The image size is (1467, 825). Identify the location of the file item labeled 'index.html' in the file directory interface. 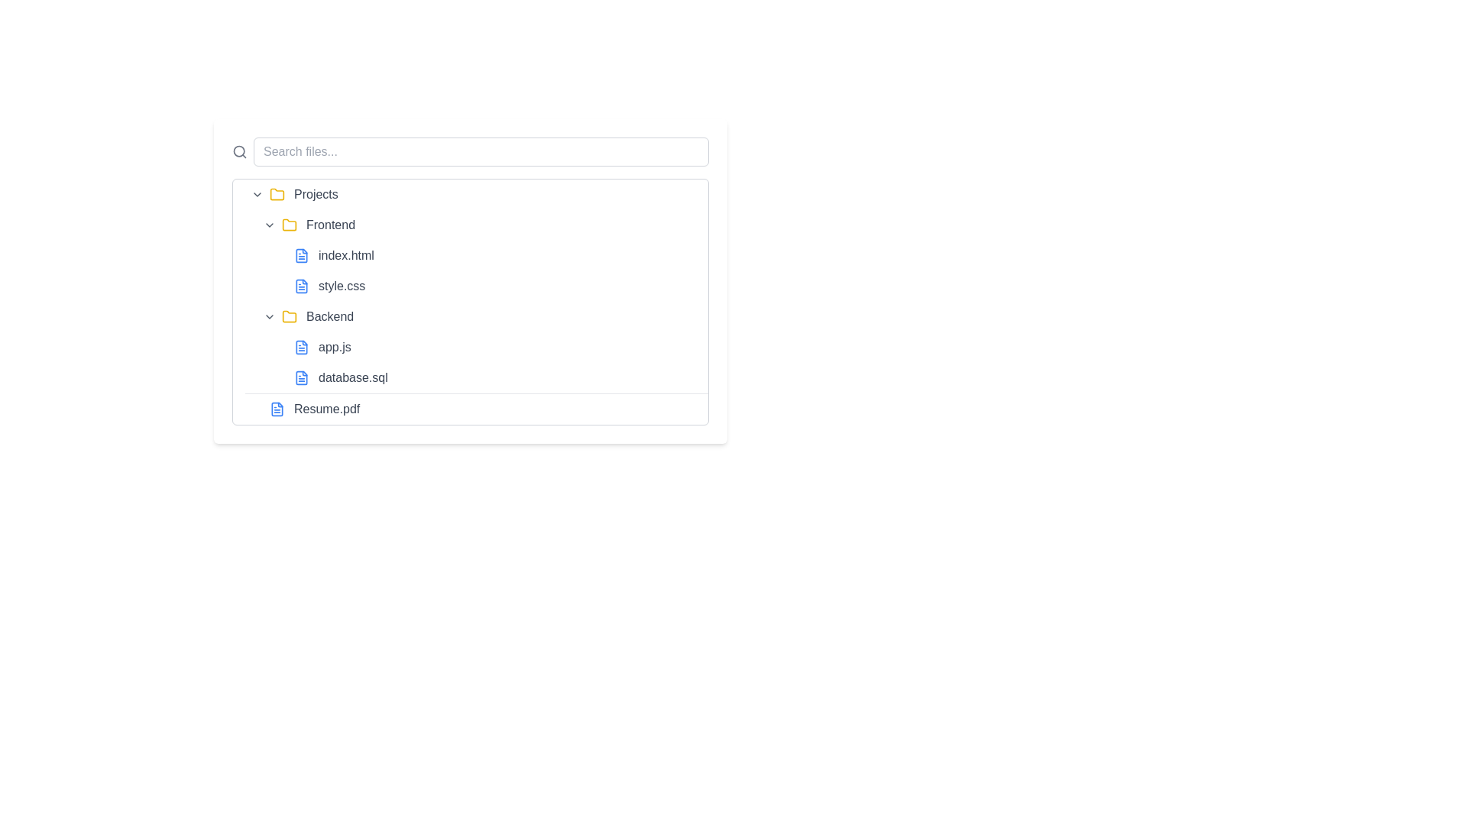
(487, 255).